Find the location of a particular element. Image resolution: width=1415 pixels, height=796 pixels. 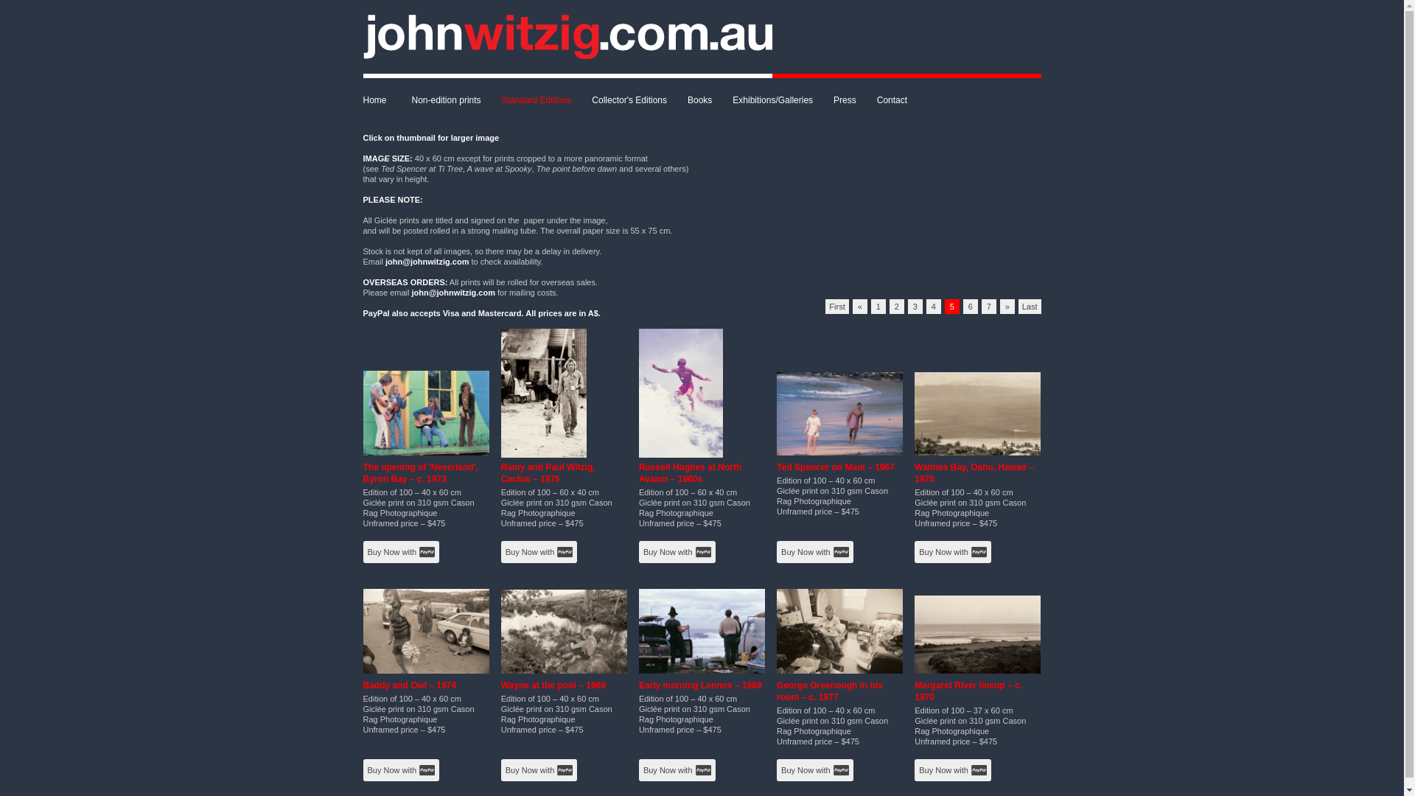

'1' is located at coordinates (878, 306).